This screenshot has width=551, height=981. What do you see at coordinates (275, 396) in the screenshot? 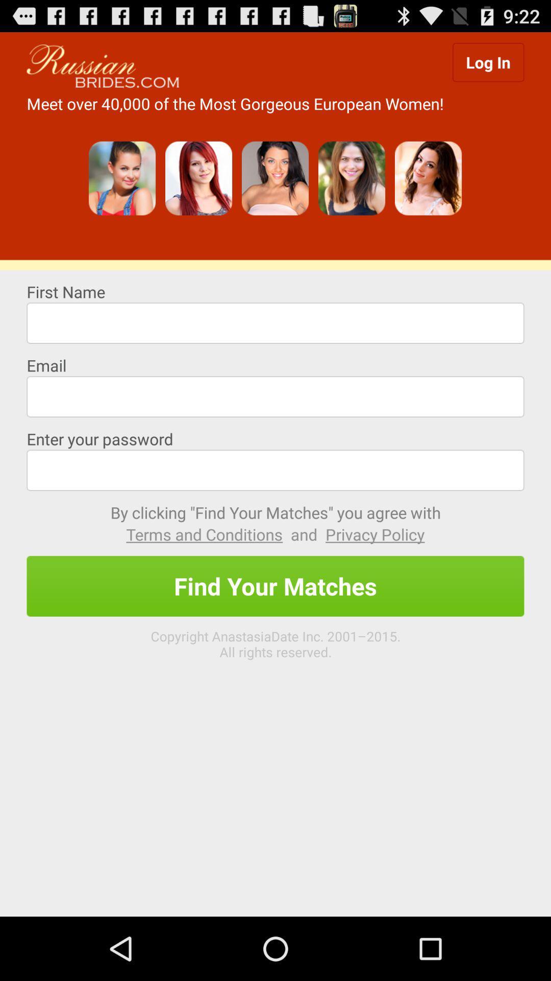
I see `text box` at bounding box center [275, 396].